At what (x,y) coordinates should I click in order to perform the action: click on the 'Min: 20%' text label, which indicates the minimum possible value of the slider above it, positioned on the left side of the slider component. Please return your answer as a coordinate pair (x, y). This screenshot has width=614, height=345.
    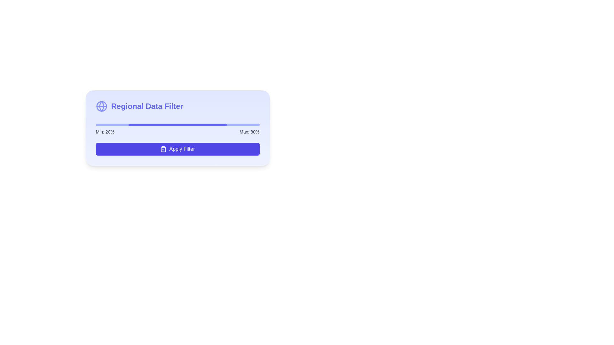
    Looking at the image, I should click on (105, 131).